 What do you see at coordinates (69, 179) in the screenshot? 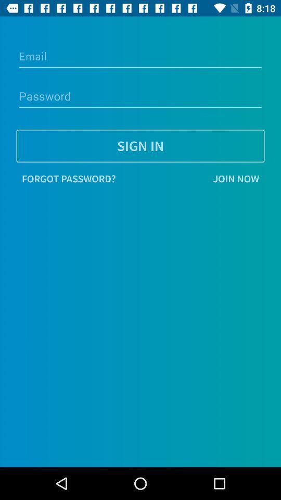
I see `forgot password? item` at bounding box center [69, 179].